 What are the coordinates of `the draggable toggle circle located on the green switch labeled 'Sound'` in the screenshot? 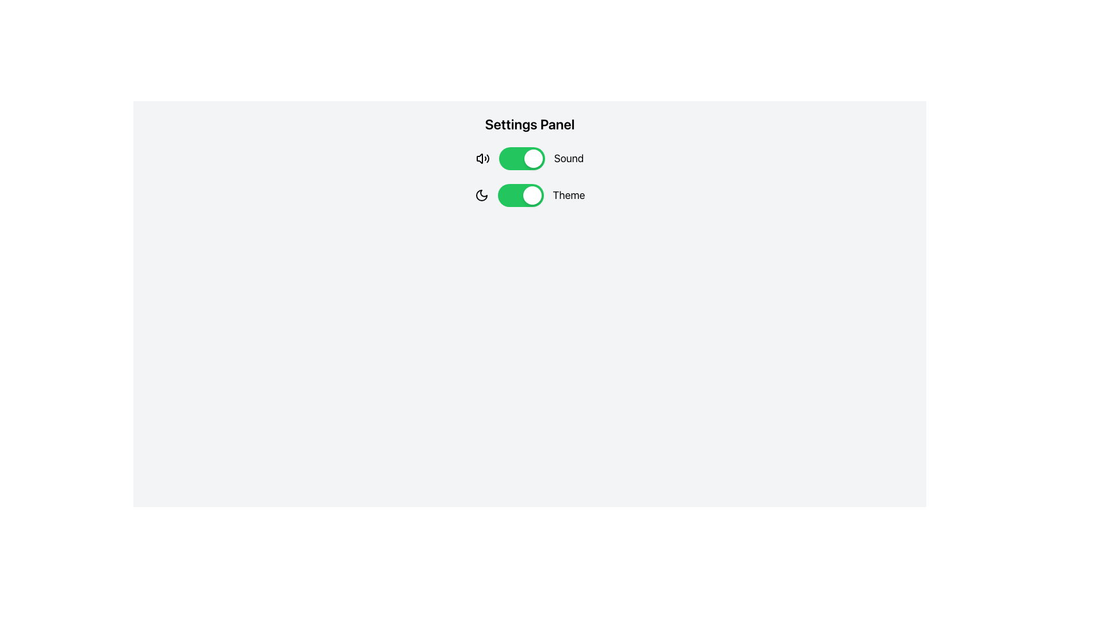 It's located at (532, 159).